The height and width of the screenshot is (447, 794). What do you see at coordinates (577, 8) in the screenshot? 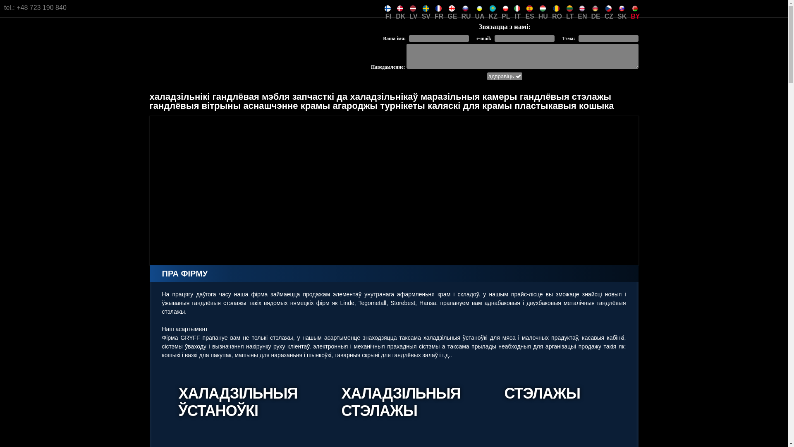
I see `'EN'` at bounding box center [577, 8].